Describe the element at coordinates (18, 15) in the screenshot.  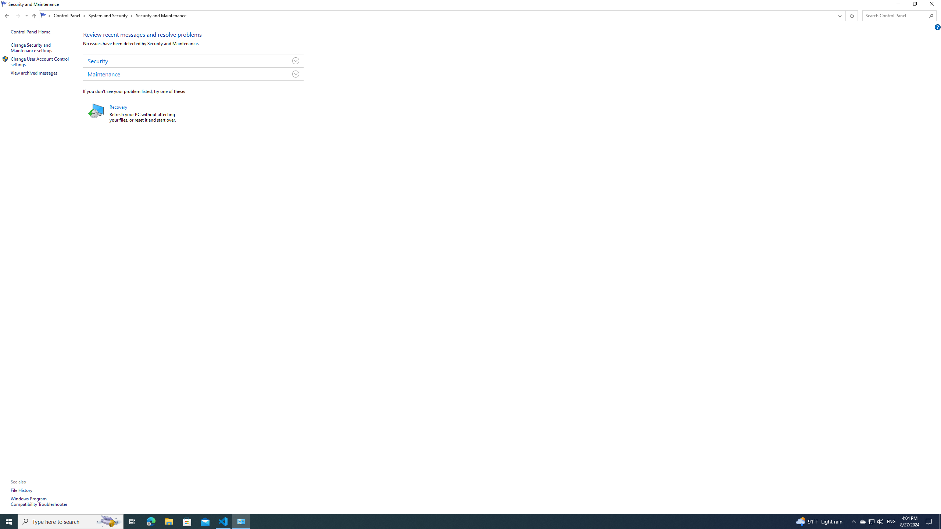
I see `'Forward (Alt + Right Arrow)'` at that location.